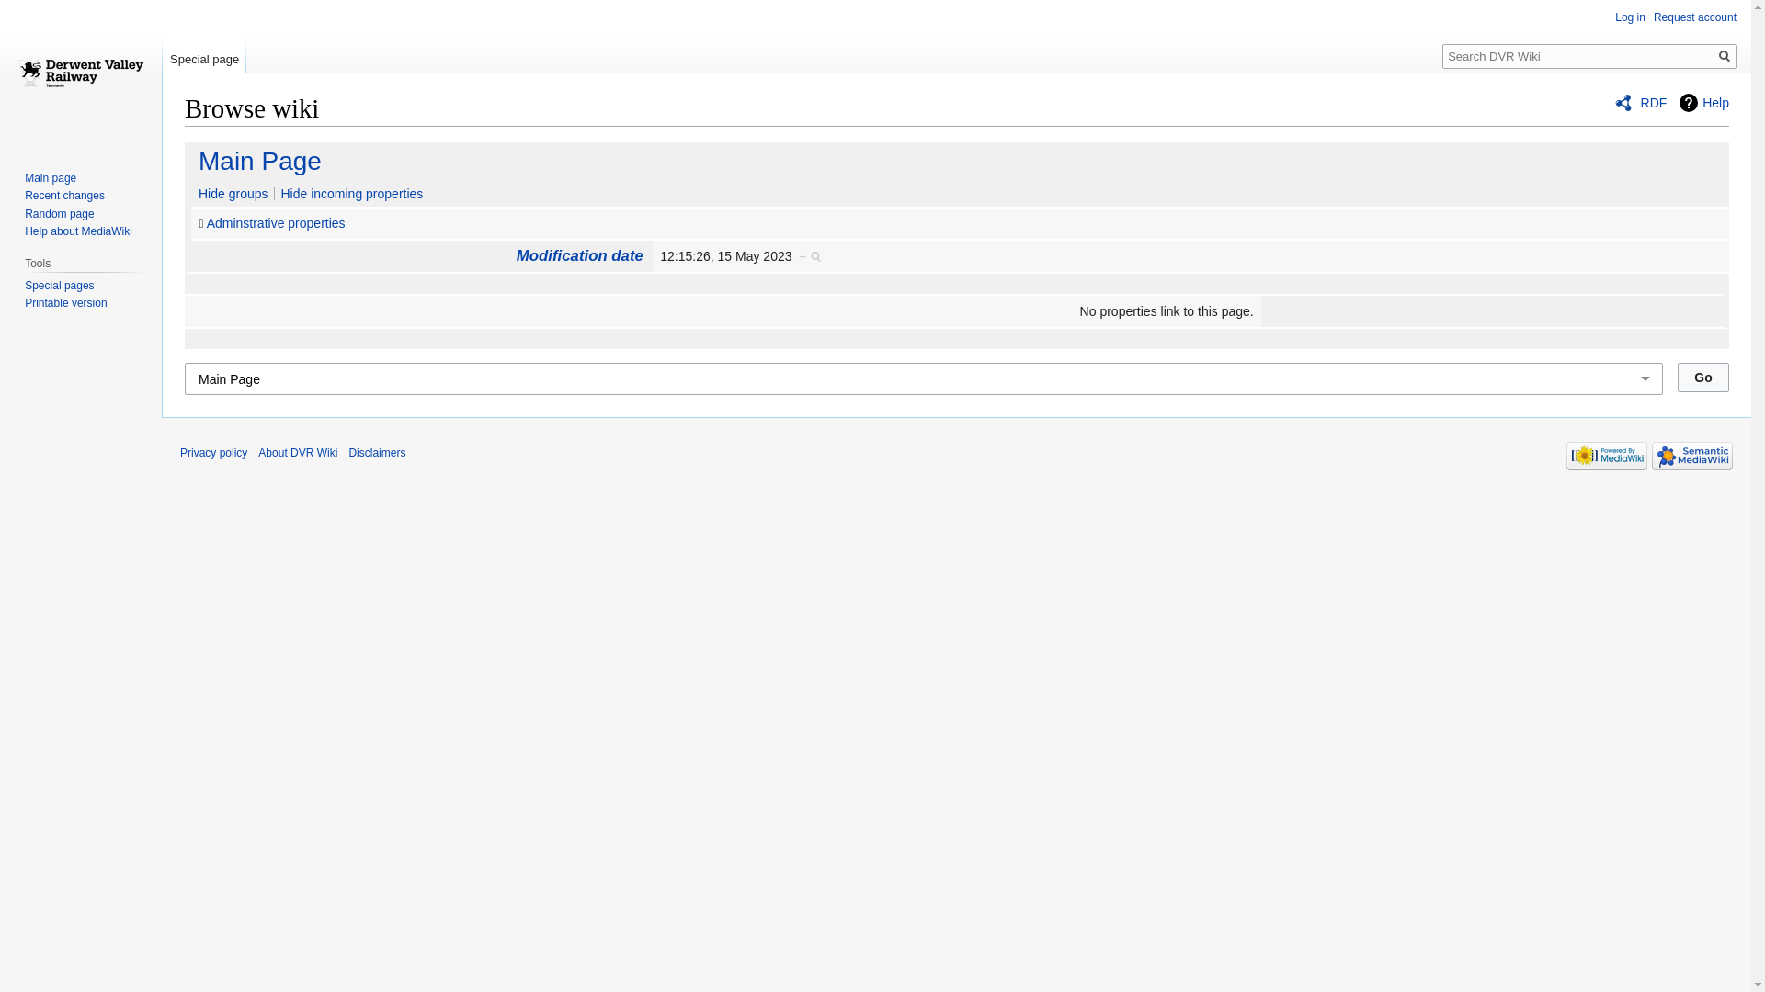 The height and width of the screenshot is (992, 1765). What do you see at coordinates (1702, 102) in the screenshot?
I see `'Help'` at bounding box center [1702, 102].